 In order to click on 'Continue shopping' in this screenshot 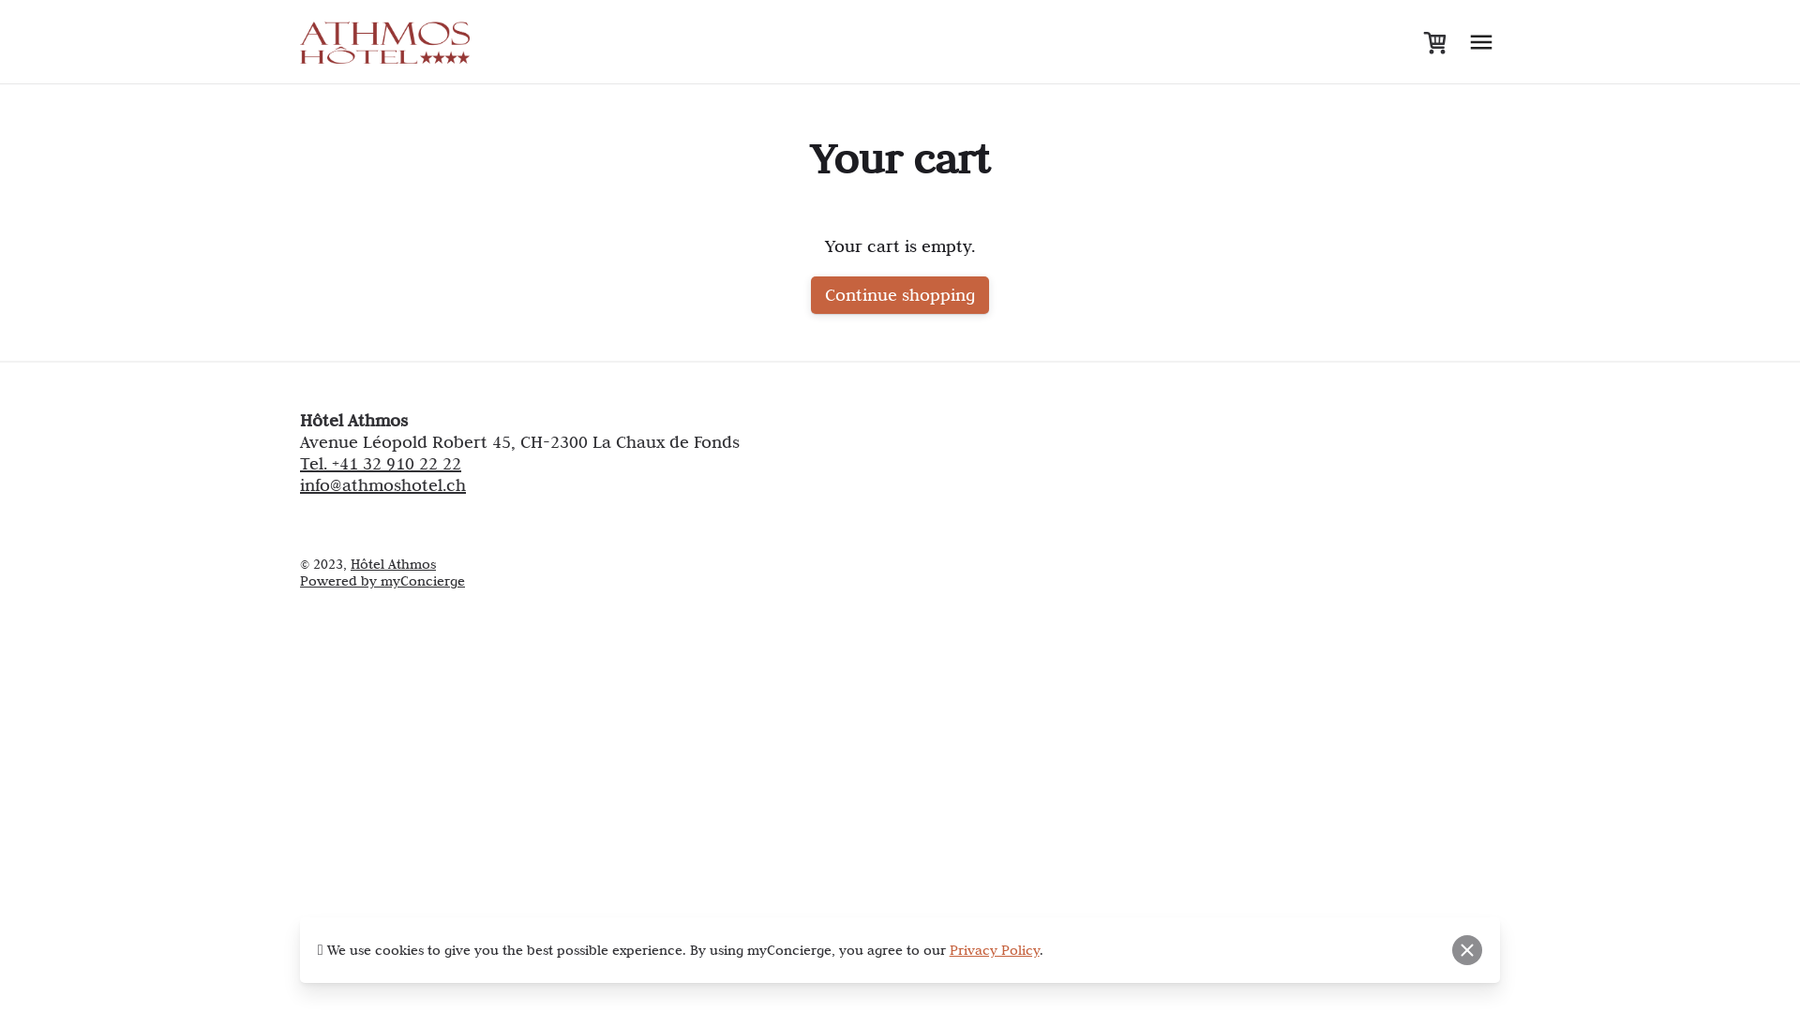, I will do `click(900, 295)`.